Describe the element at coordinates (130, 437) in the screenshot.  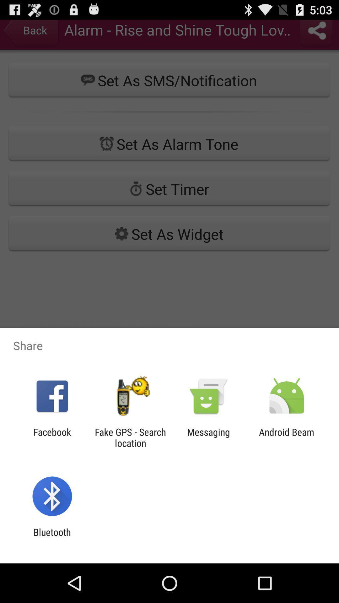
I see `the fake gps search` at that location.